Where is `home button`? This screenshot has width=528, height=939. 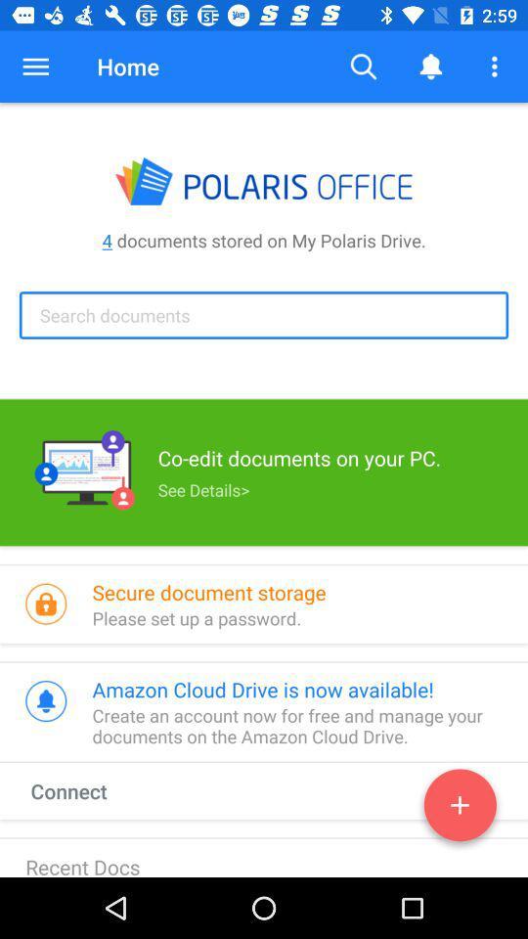
home button is located at coordinates (128, 67).